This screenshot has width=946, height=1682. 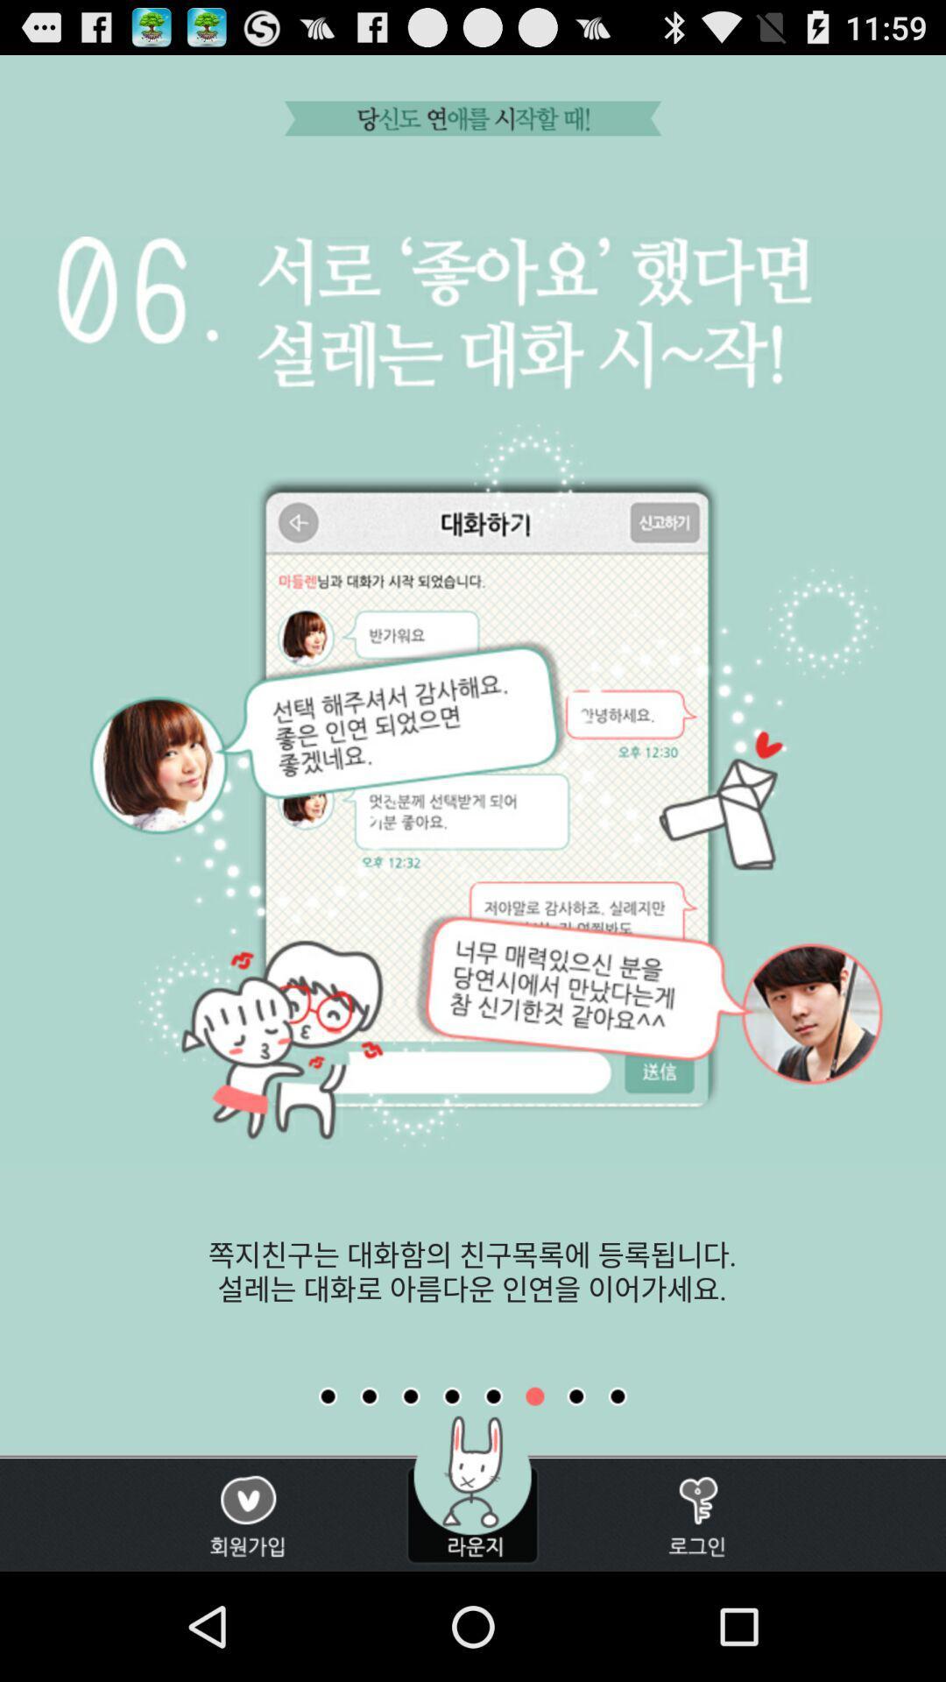 What do you see at coordinates (576, 1396) in the screenshot?
I see `pass image` at bounding box center [576, 1396].